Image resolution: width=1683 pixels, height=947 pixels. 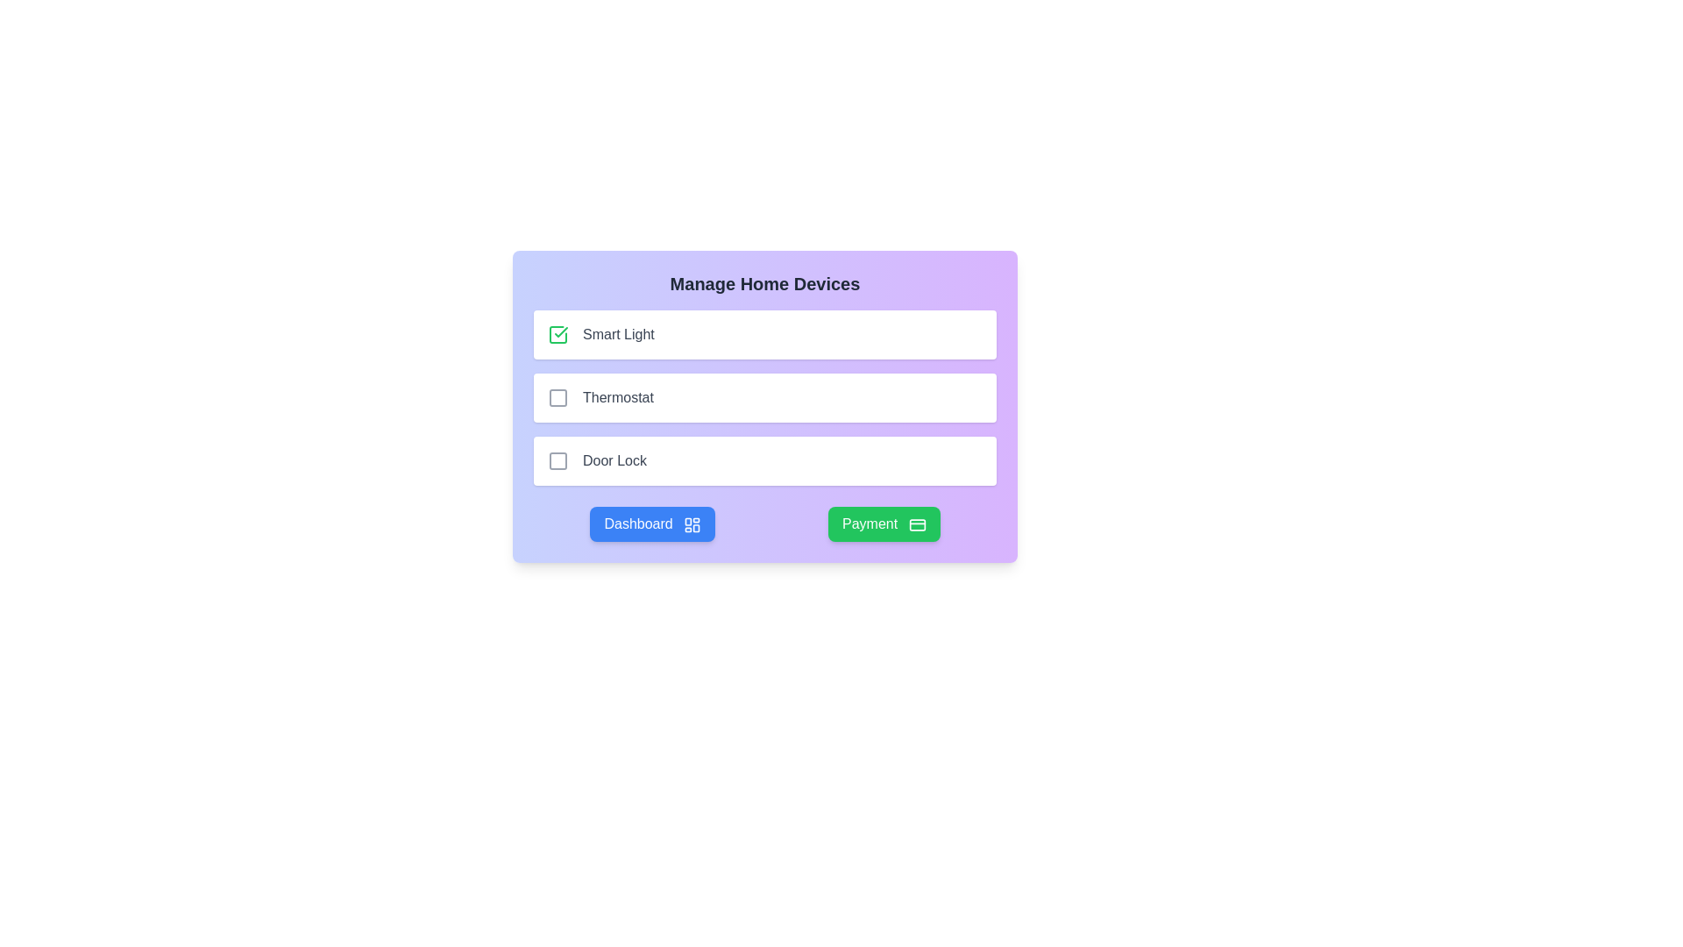 What do you see at coordinates (614, 459) in the screenshot?
I see `the 'Door Lock' label, which is styled in gray and positioned next to an interactive checkbox in the third row of the 'Manage Home Devices' section` at bounding box center [614, 459].